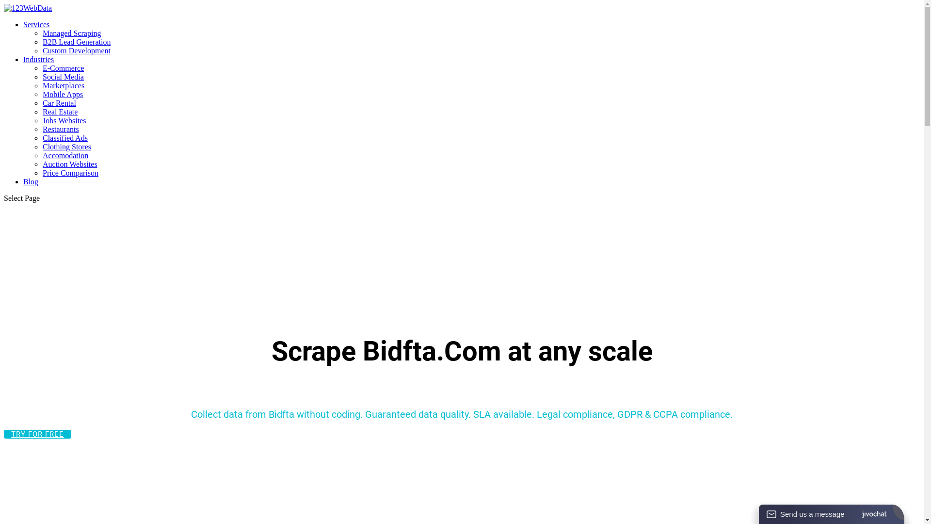 This screenshot has width=931, height=524. I want to click on 'Restaurants', so click(60, 129).